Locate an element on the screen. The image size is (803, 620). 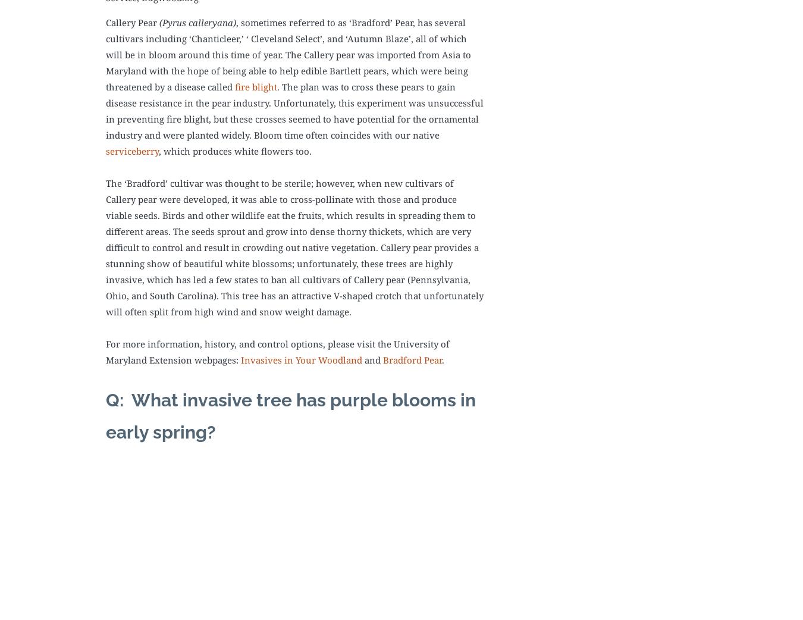
'fire blight' is located at coordinates (256, 86).